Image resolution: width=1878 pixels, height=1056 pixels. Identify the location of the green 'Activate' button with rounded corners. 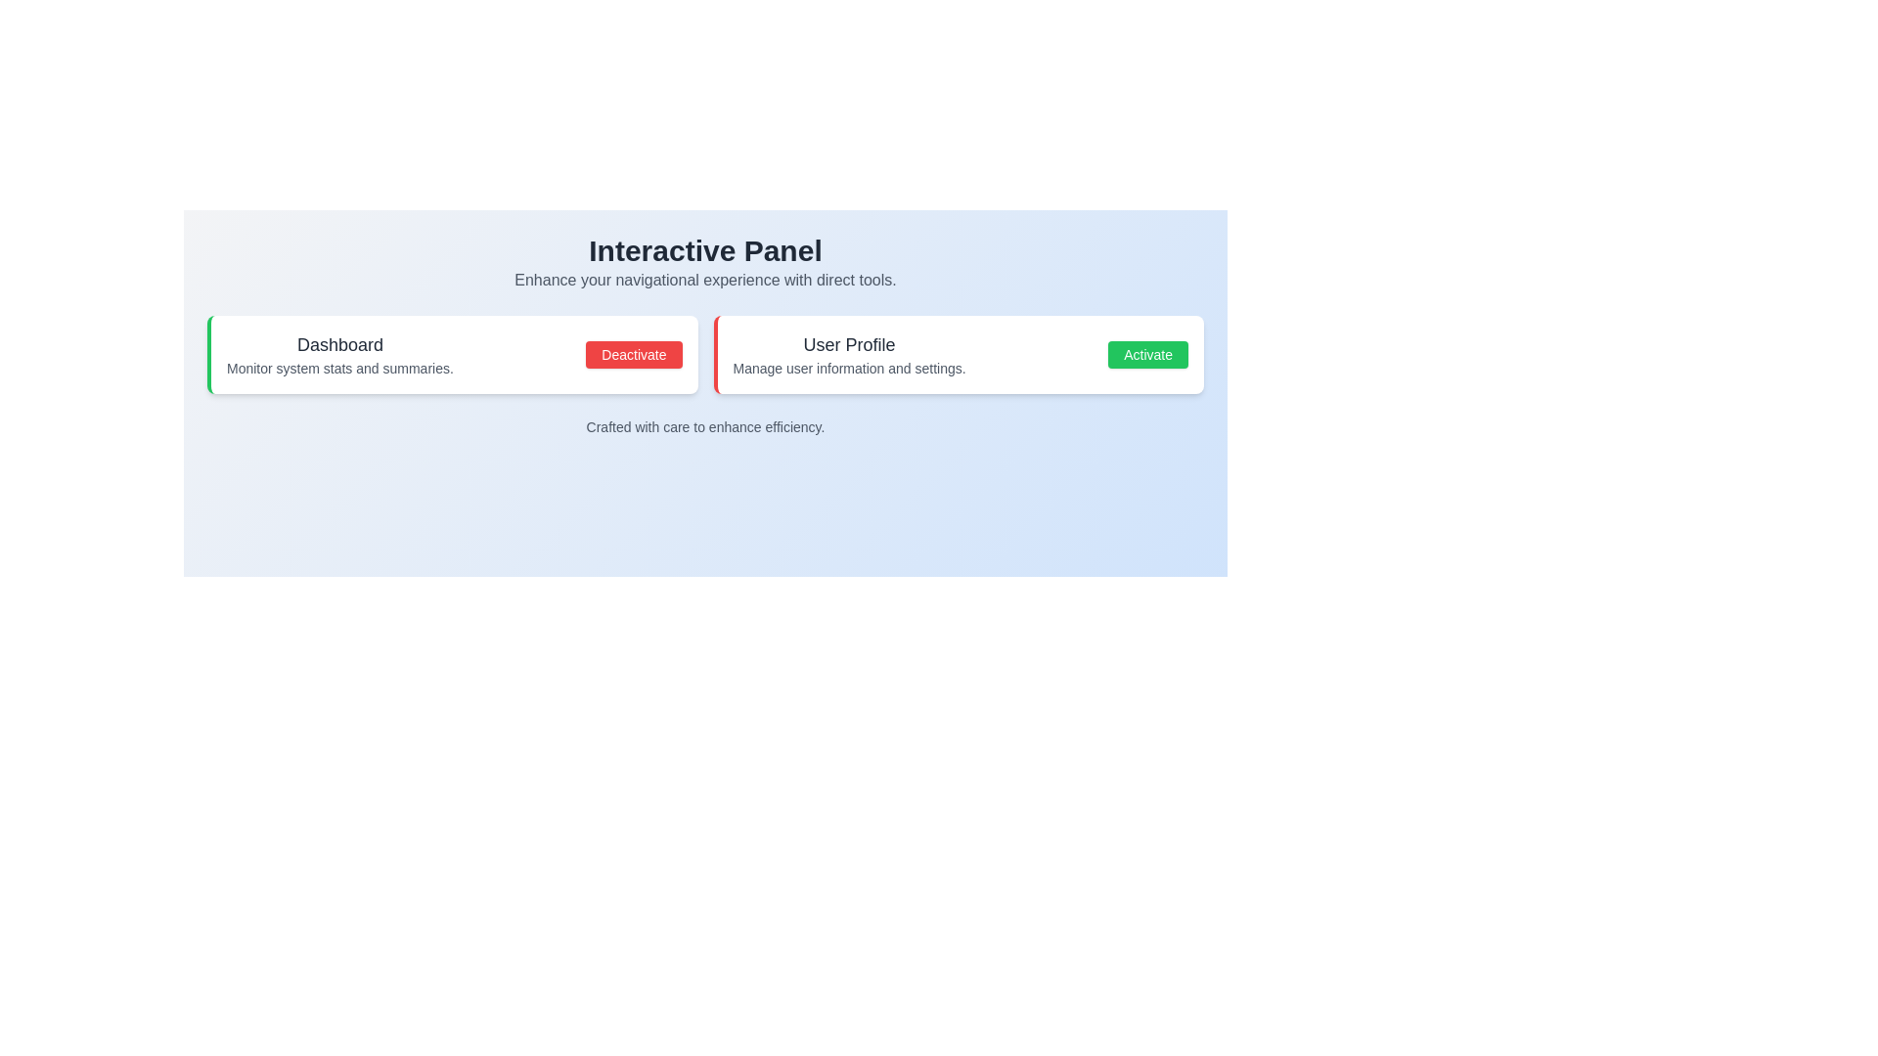
(1148, 354).